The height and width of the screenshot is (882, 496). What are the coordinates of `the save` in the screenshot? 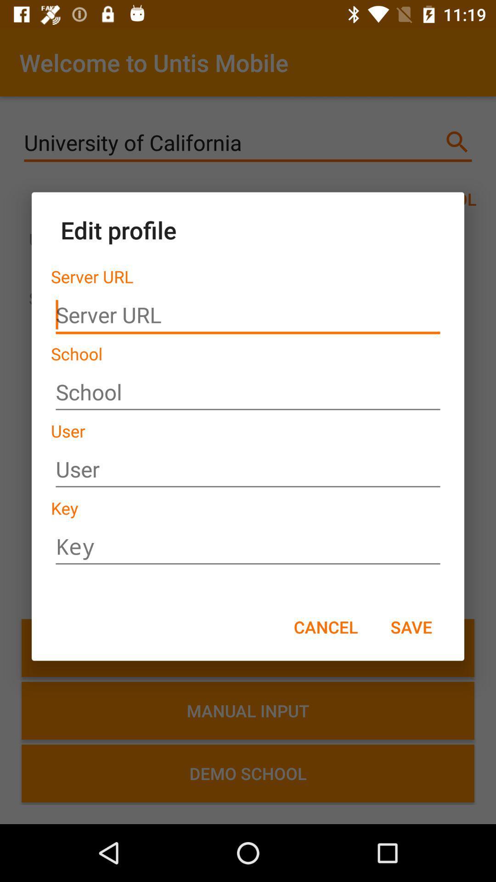 It's located at (411, 626).